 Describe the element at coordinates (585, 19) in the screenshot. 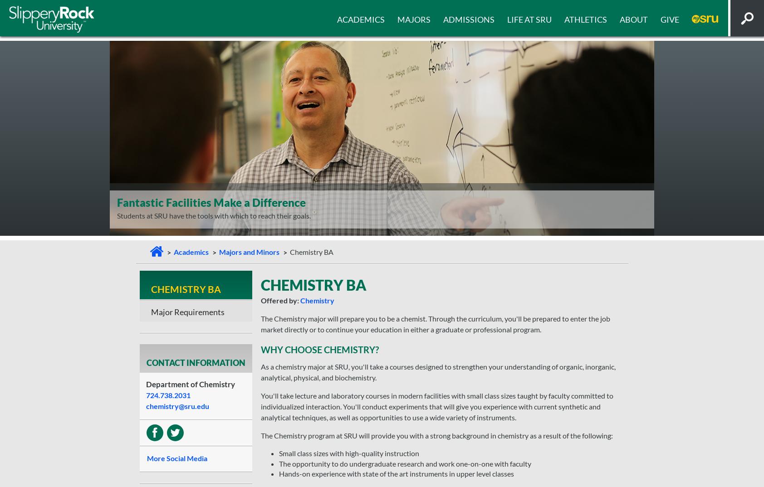

I see `'Athletics'` at that location.